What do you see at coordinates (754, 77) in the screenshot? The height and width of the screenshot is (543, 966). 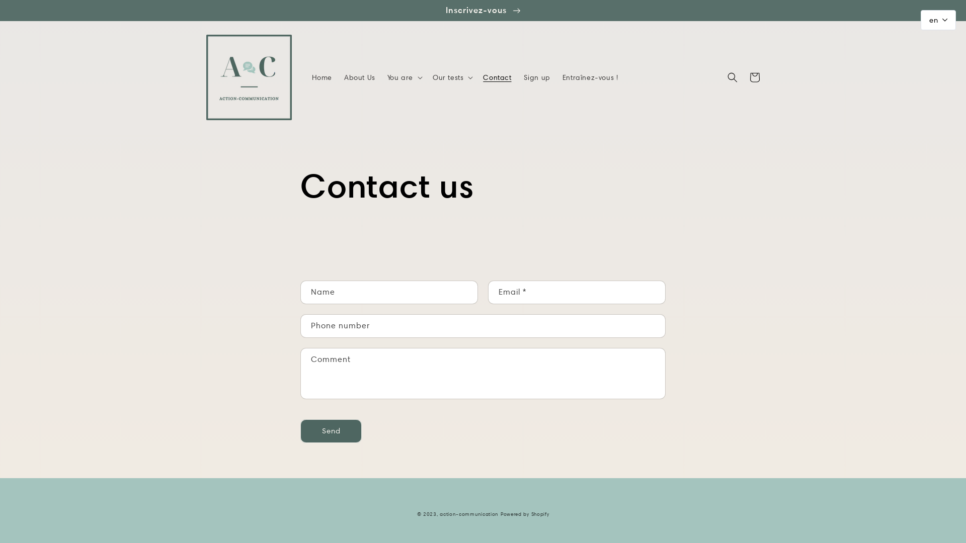 I see `'Cart'` at bounding box center [754, 77].